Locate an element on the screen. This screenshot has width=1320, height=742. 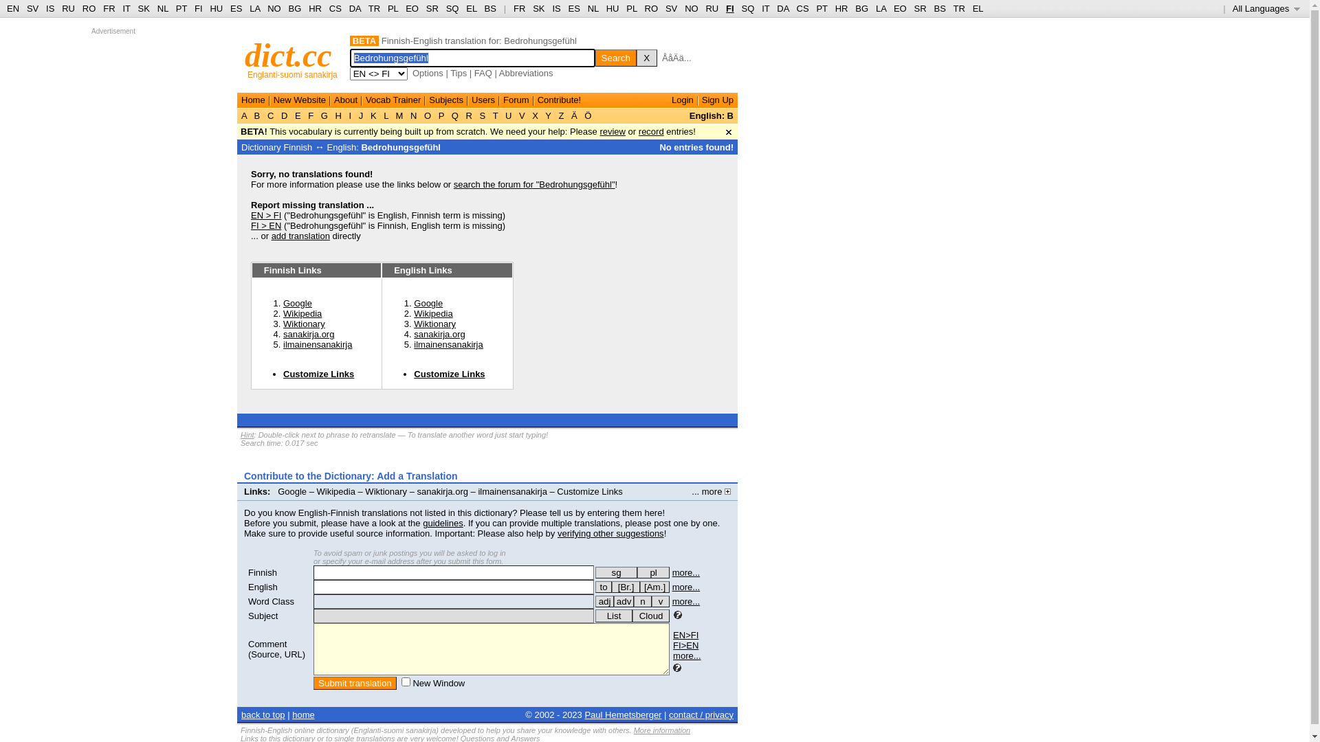
'IS' is located at coordinates (556, 8).